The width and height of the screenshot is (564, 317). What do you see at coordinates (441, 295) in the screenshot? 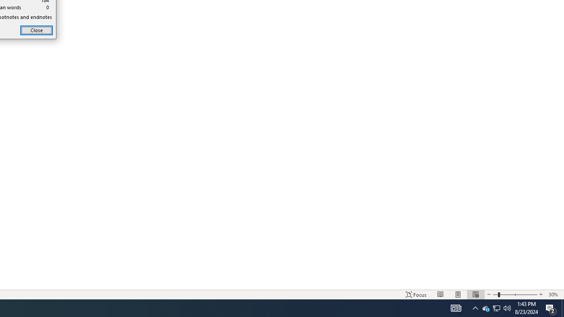
I see `'Read Mode'` at bounding box center [441, 295].